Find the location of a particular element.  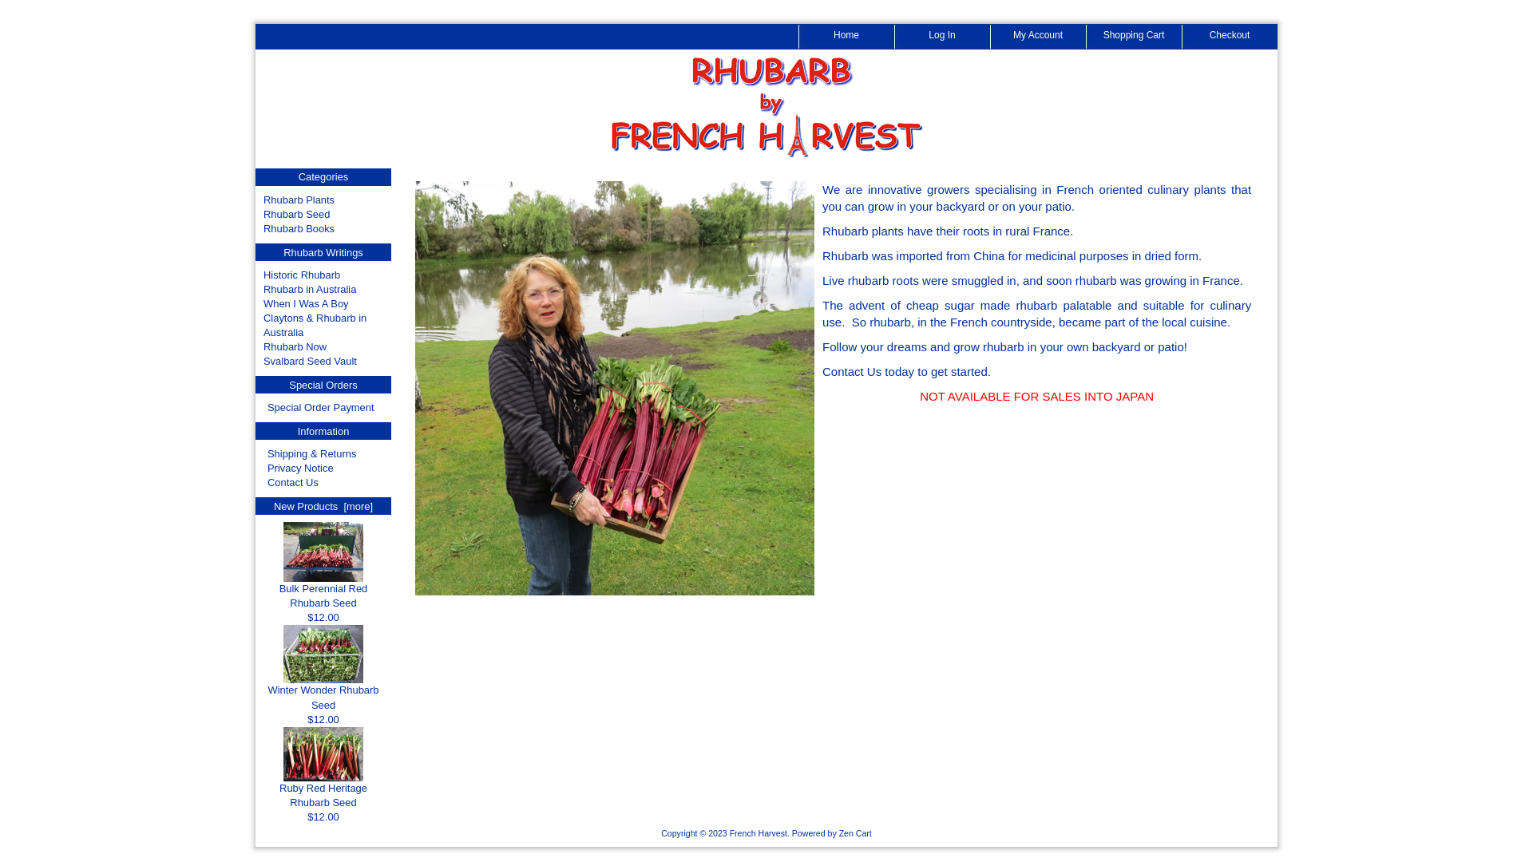

'Shopping Cart' is located at coordinates (1133, 36).